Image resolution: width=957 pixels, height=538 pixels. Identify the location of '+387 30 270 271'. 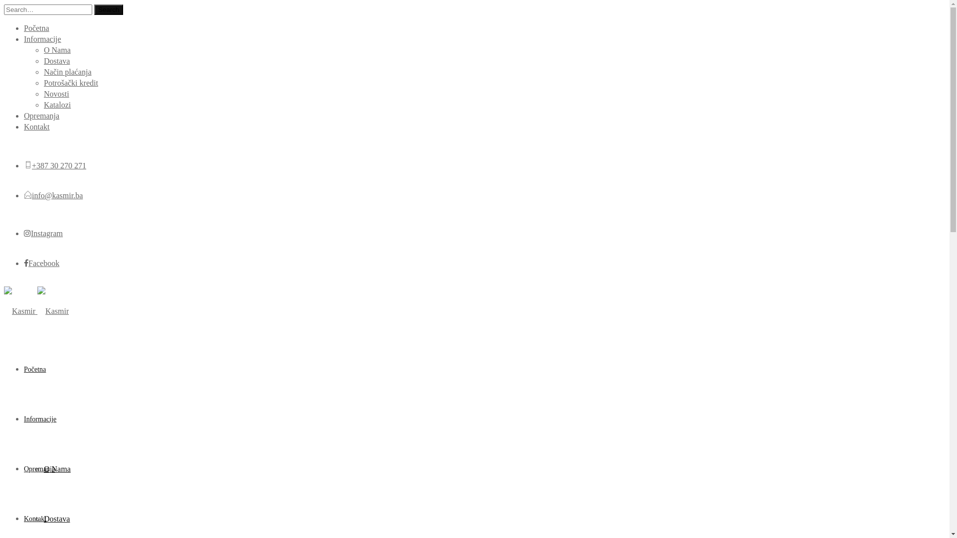
(58, 165).